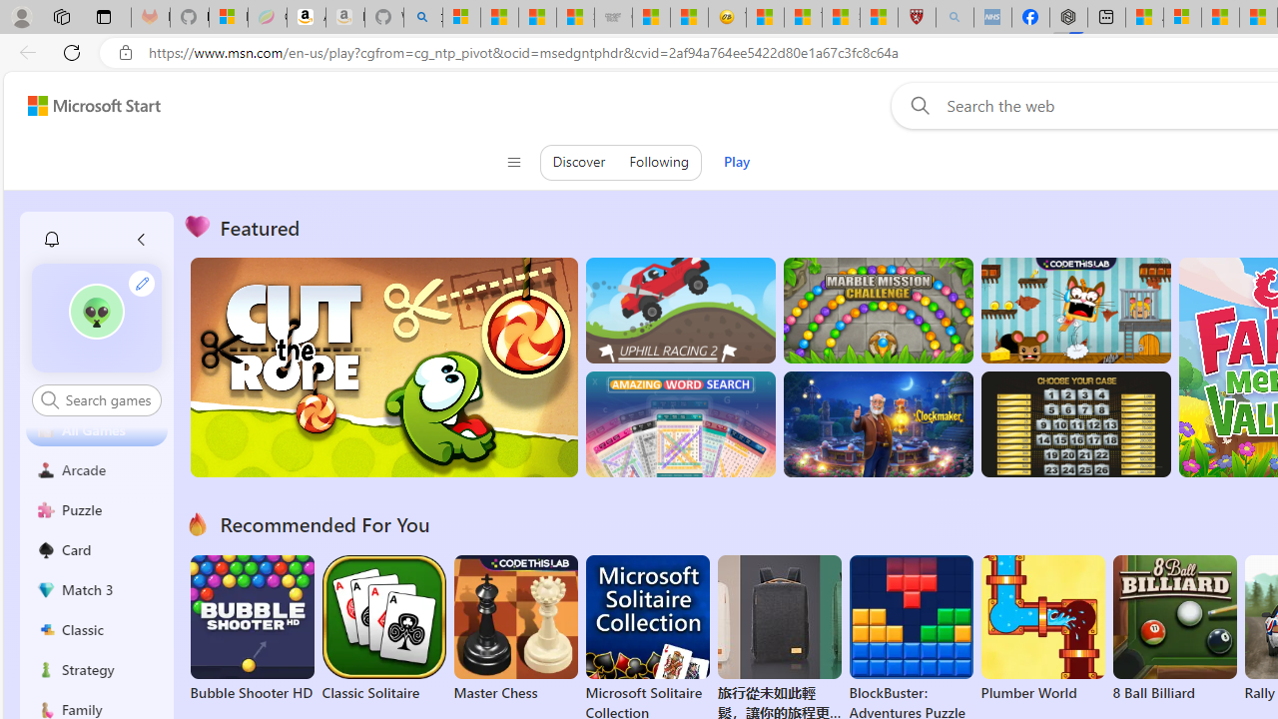 This screenshot has width=1278, height=719. Describe the element at coordinates (878, 423) in the screenshot. I see `'Clockmaker'` at that location.